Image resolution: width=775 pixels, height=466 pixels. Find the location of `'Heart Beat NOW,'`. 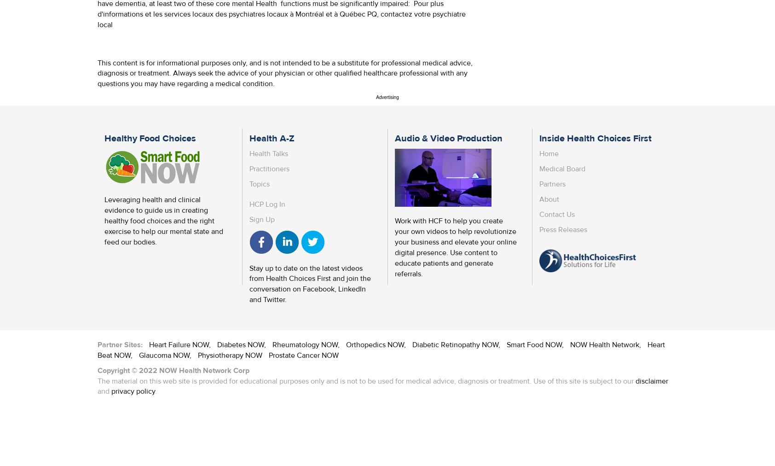

'Heart Beat NOW,' is located at coordinates (381, 349).